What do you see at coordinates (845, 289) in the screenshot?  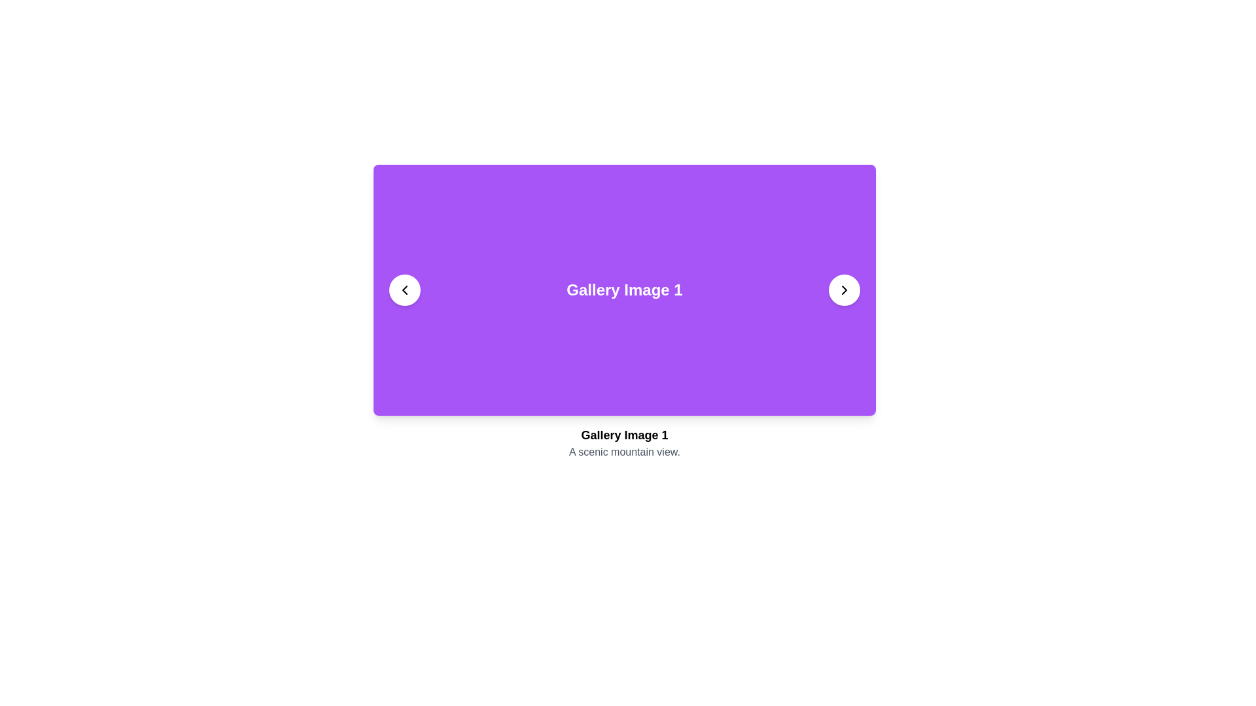 I see `the forward navigation arrow icon located in the center of a circular button on the far right of the purple panel labeled 'Gallery Image 1'` at bounding box center [845, 289].